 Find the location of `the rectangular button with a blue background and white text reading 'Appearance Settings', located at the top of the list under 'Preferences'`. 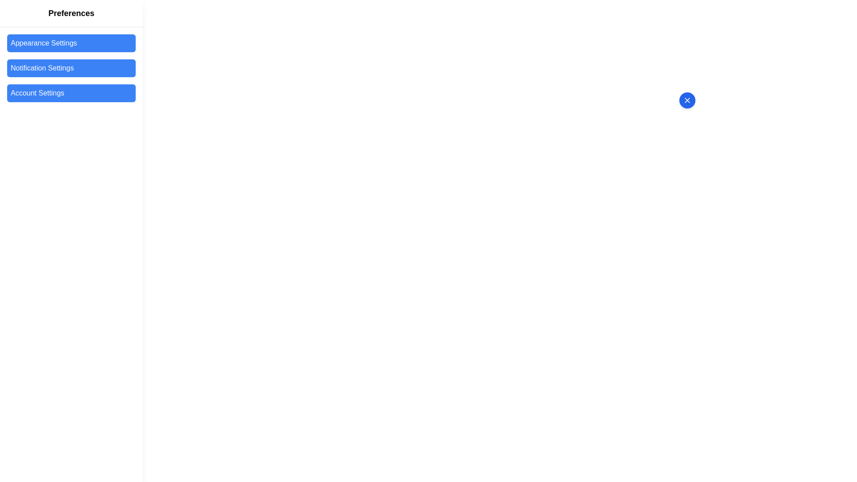

the rectangular button with a blue background and white text reading 'Appearance Settings', located at the top of the list under 'Preferences' is located at coordinates (71, 43).